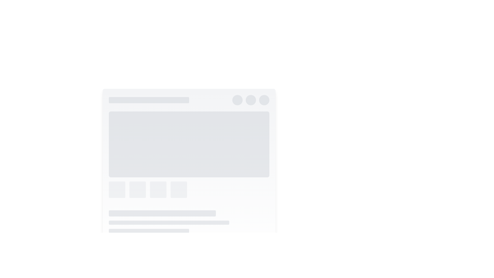 The image size is (494, 278). I want to click on the leftmost circular gray decorative element located in the top-right corner of the interface, so click(237, 100).